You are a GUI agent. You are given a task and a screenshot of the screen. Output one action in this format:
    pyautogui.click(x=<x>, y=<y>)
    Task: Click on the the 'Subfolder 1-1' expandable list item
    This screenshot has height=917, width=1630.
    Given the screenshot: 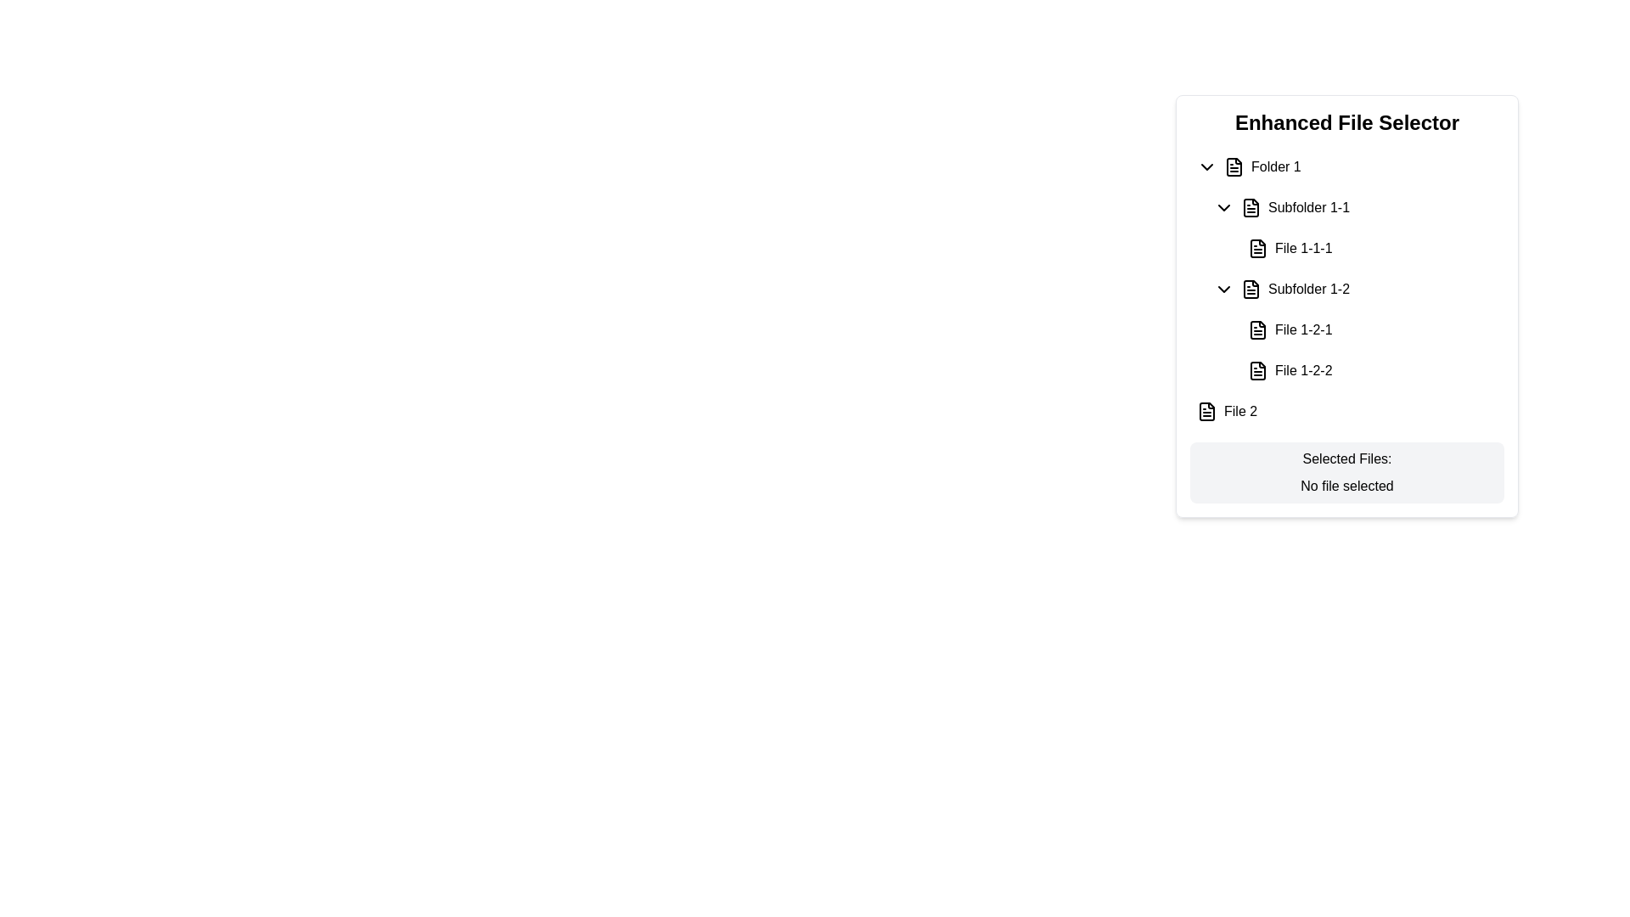 What is the action you would take?
    pyautogui.click(x=1355, y=207)
    